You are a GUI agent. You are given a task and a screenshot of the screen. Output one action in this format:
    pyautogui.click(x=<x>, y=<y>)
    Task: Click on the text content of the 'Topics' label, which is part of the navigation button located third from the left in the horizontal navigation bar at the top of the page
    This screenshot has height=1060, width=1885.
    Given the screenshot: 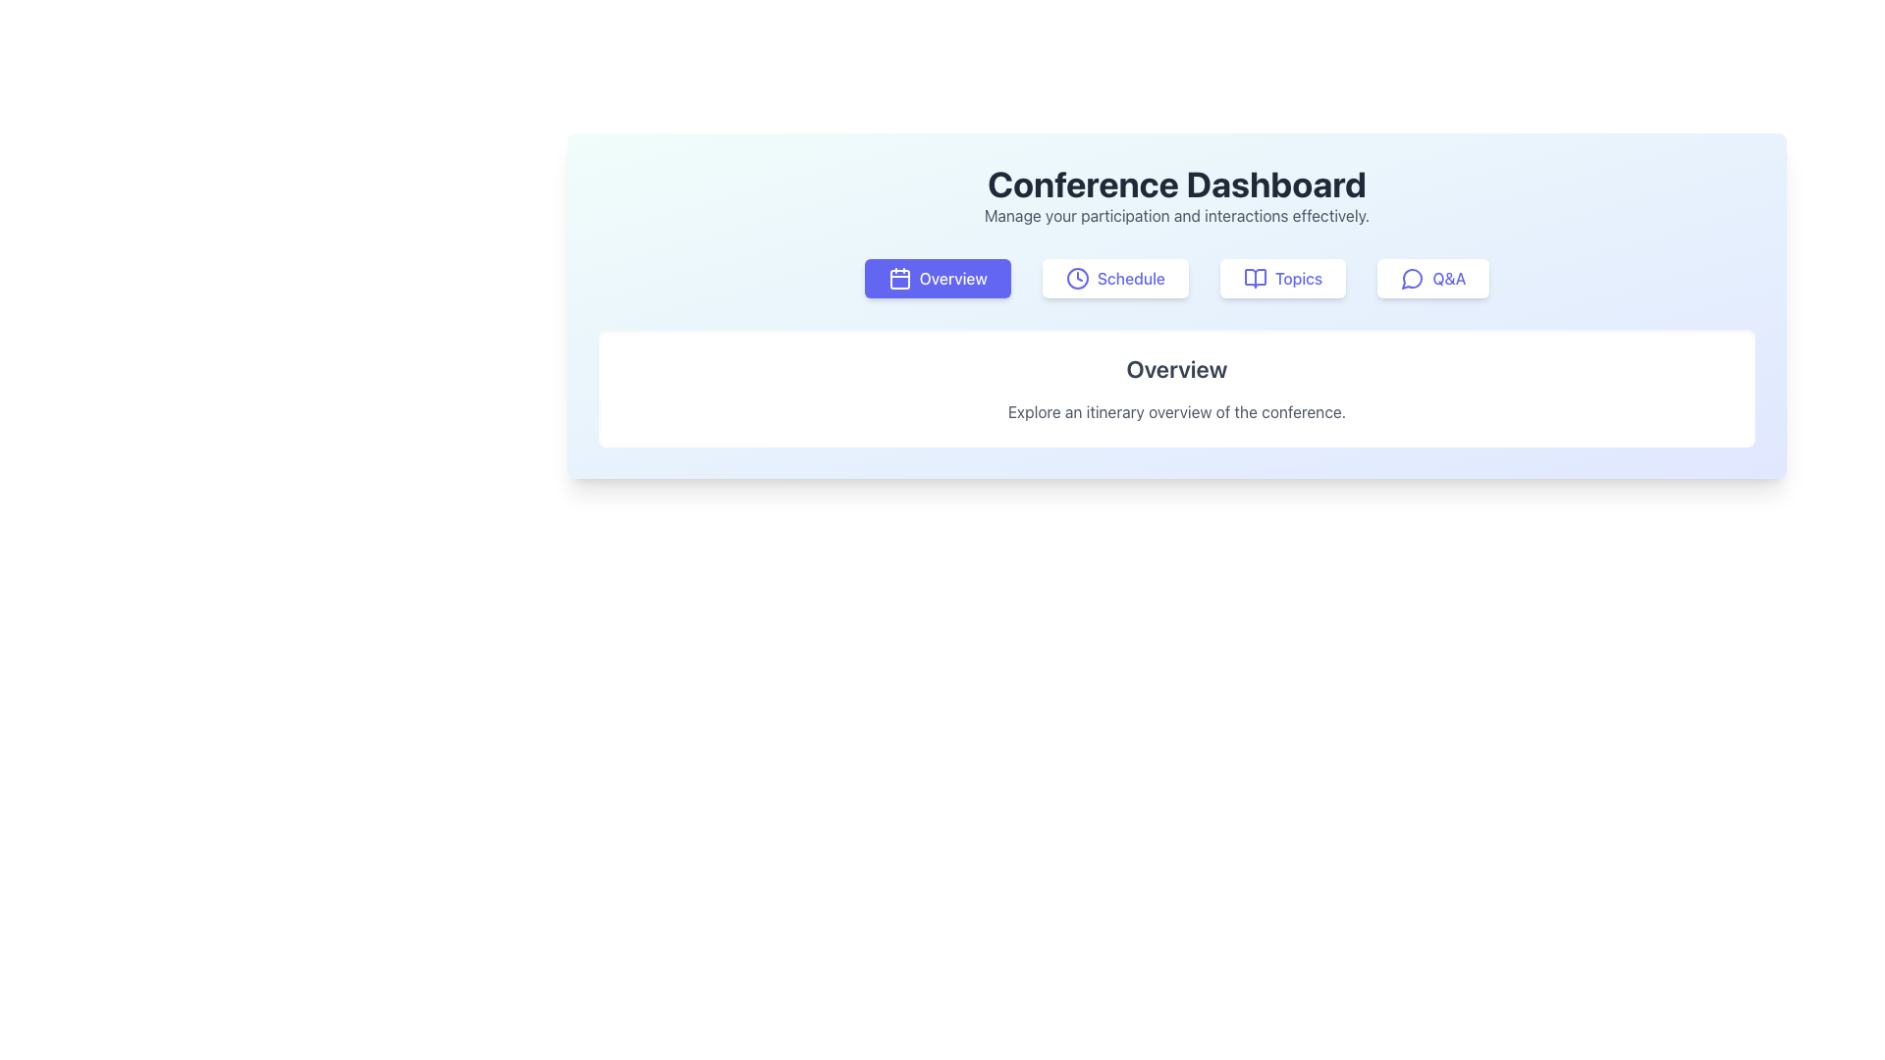 What is the action you would take?
    pyautogui.click(x=1299, y=279)
    